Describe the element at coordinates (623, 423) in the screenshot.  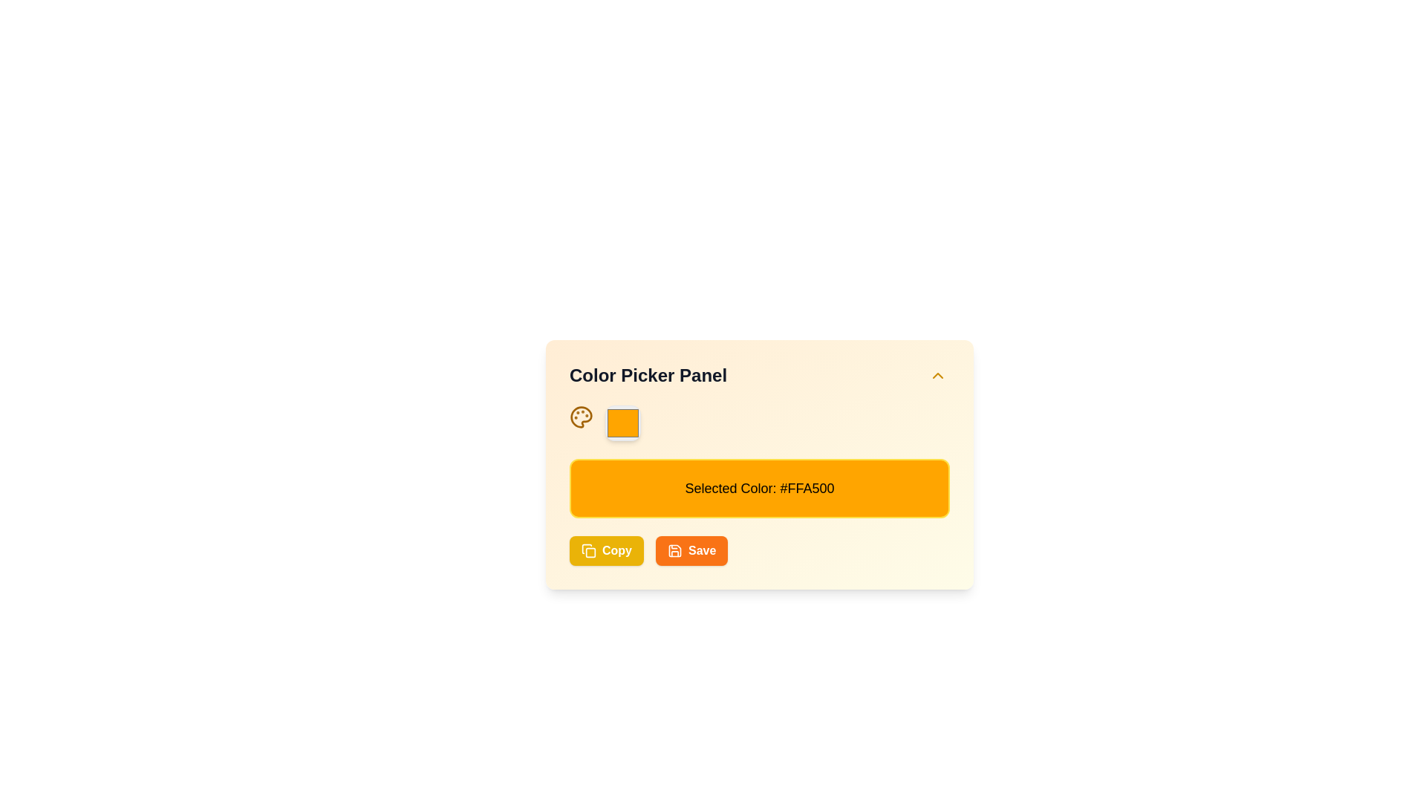
I see `the orange square color option with rounded corners in the Color Picker Panel` at that location.